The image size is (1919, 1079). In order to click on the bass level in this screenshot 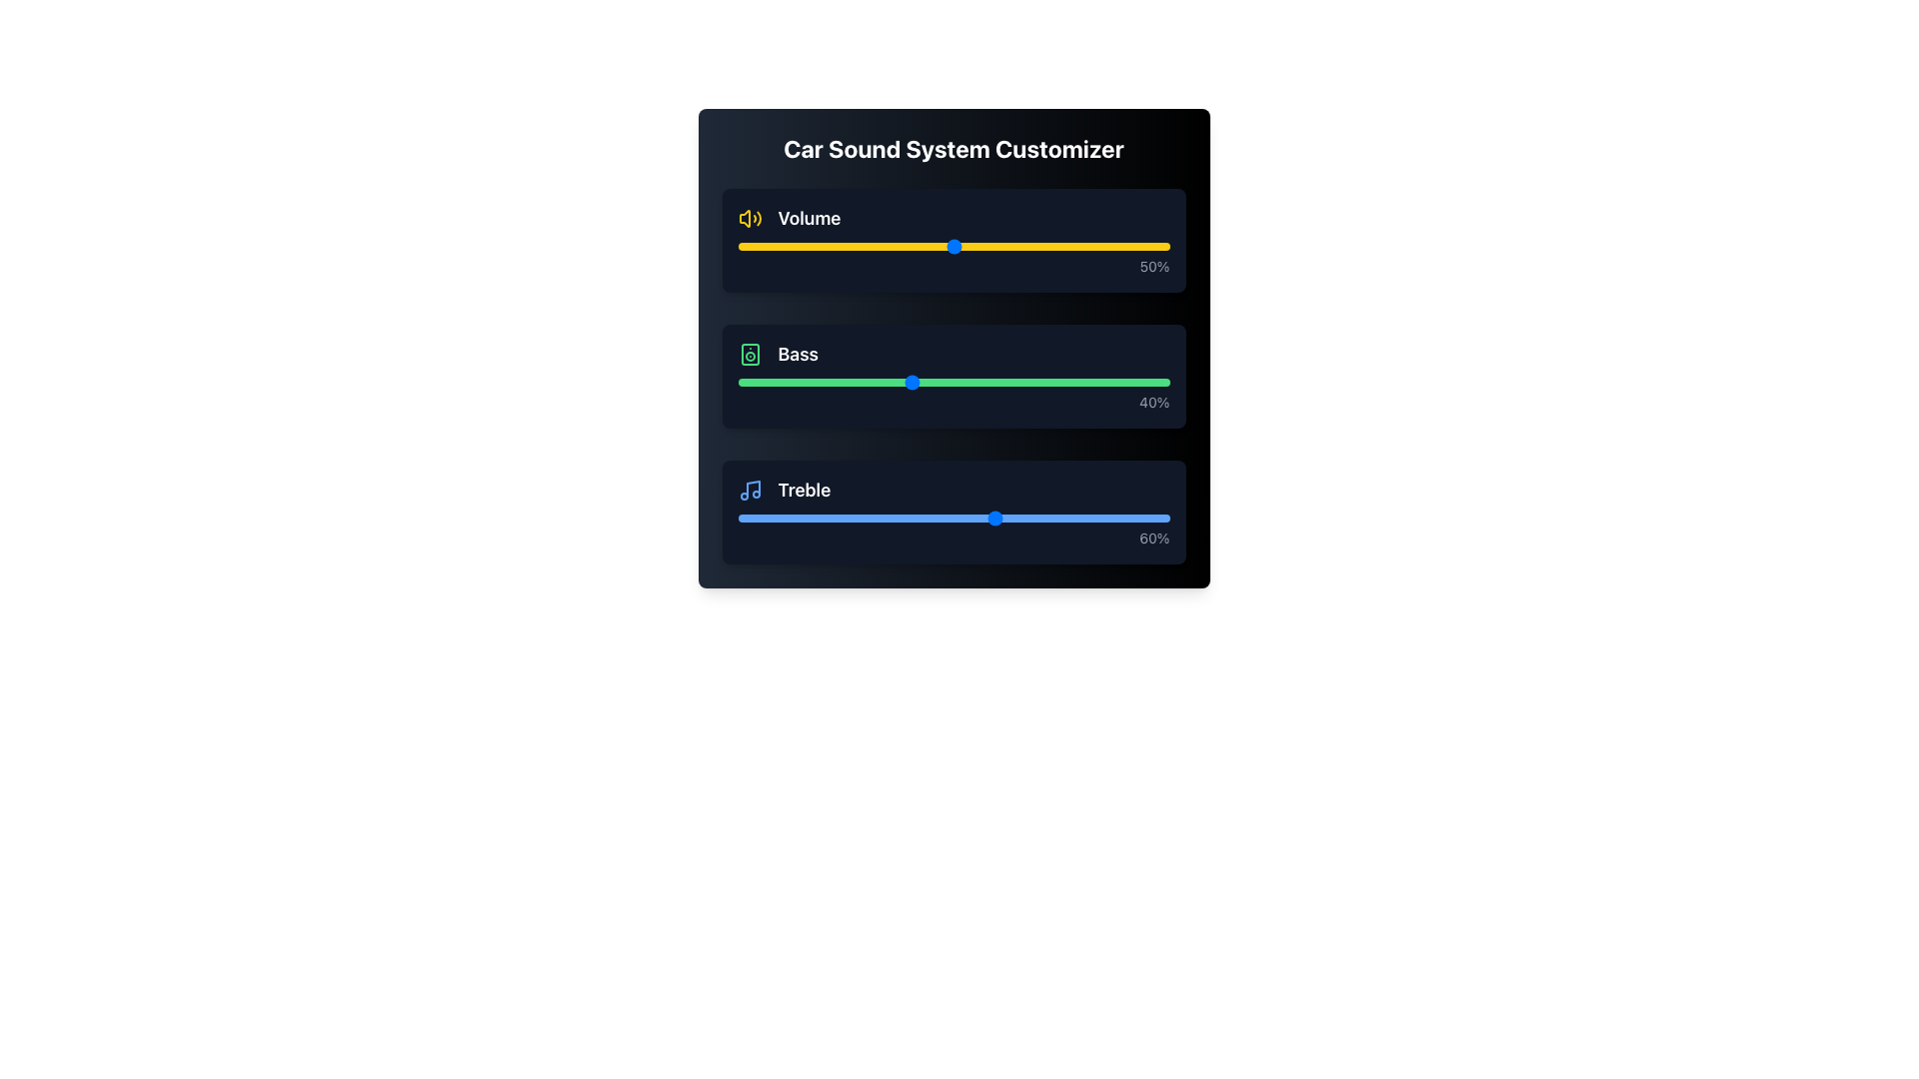, I will do `click(1165, 382)`.